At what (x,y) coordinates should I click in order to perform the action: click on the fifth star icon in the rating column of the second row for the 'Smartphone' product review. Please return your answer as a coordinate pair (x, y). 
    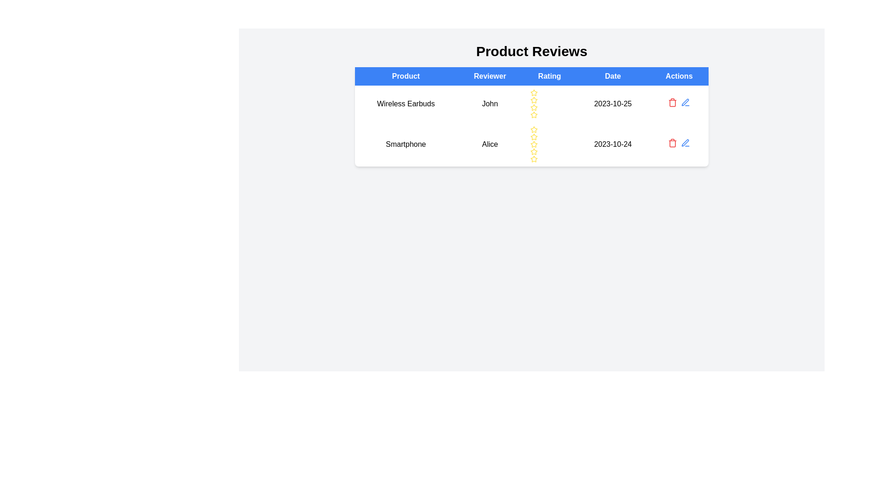
    Looking at the image, I should click on (534, 159).